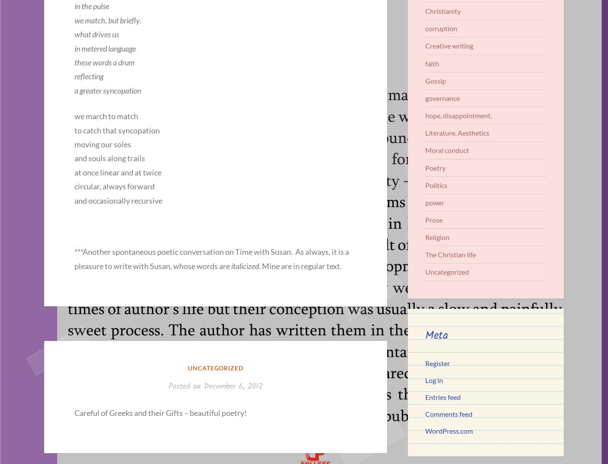 Image resolution: width=608 pixels, height=464 pixels. What do you see at coordinates (105, 48) in the screenshot?
I see `'in metered language'` at bounding box center [105, 48].